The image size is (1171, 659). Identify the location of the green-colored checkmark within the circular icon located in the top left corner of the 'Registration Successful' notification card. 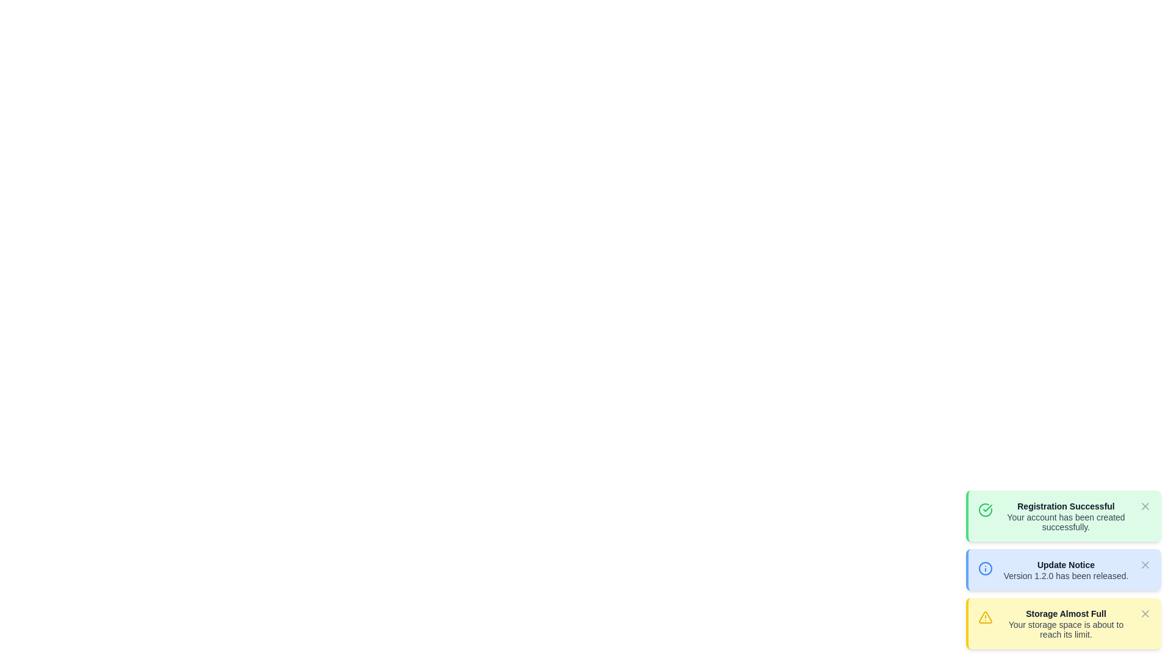
(987, 508).